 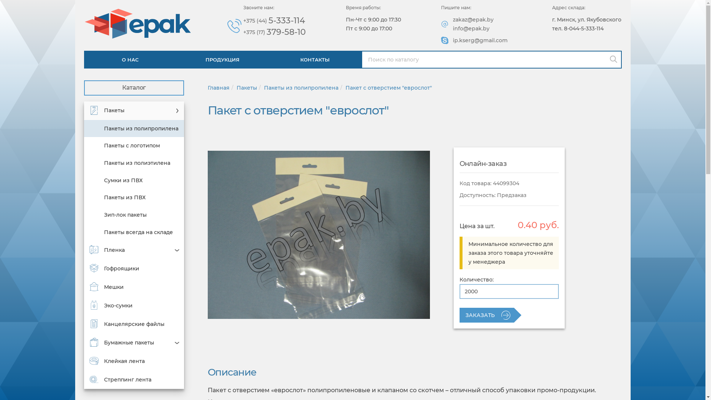 What do you see at coordinates (473, 19) in the screenshot?
I see `'zakaz@epak.by'` at bounding box center [473, 19].